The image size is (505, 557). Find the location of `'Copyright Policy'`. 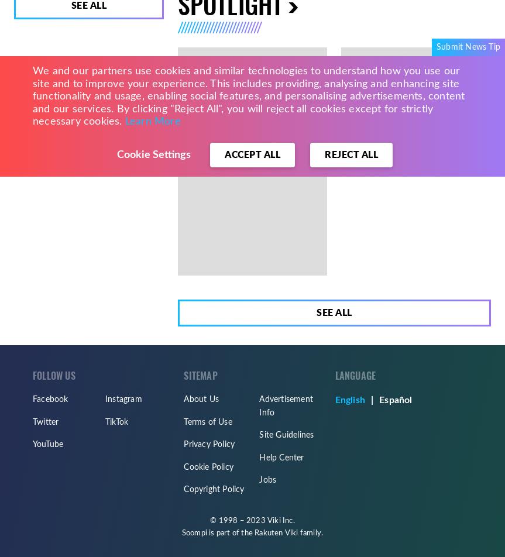

'Copyright Policy' is located at coordinates (214, 489).